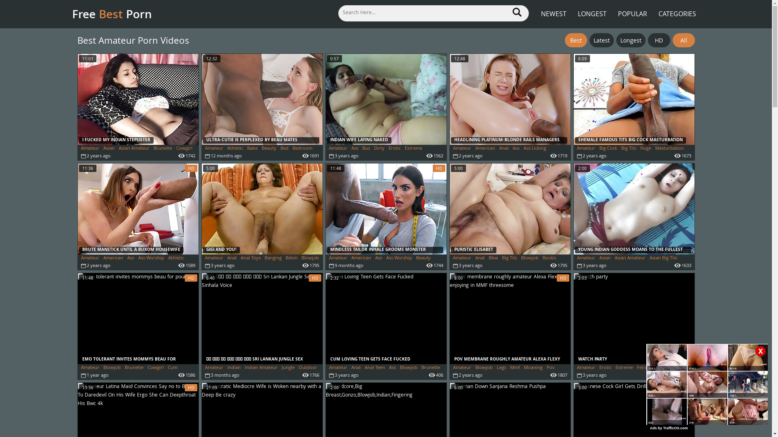 Image resolution: width=778 pixels, height=437 pixels. What do you see at coordinates (550, 368) in the screenshot?
I see `'Pov'` at bounding box center [550, 368].